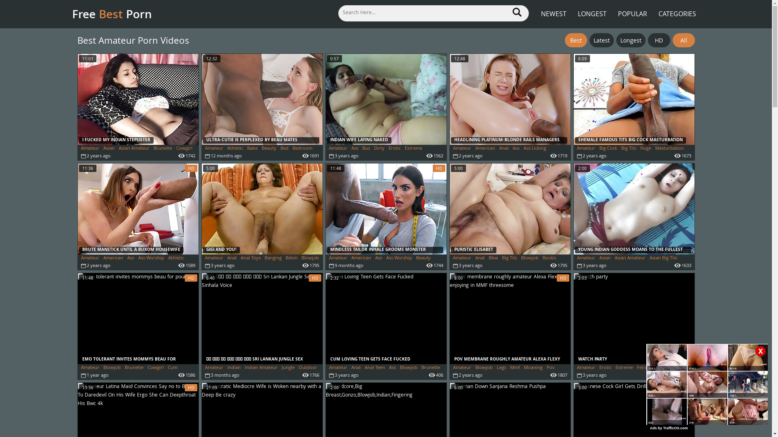 Image resolution: width=778 pixels, height=437 pixels. What do you see at coordinates (550, 368) in the screenshot?
I see `'Pov'` at bounding box center [550, 368].